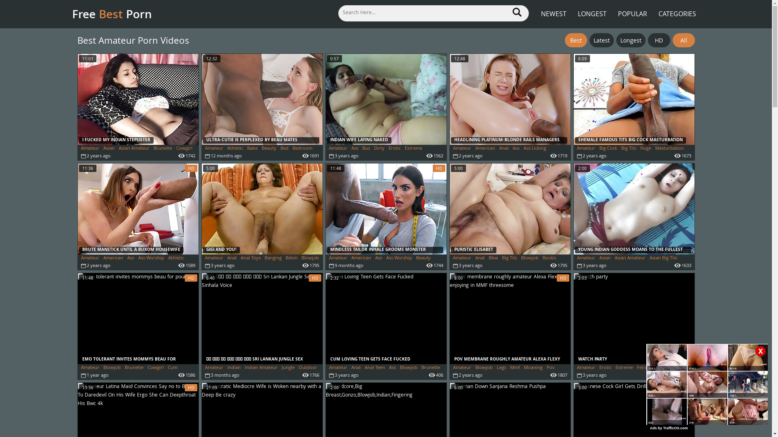 Image resolution: width=778 pixels, height=437 pixels. What do you see at coordinates (550, 368) in the screenshot?
I see `'Pov'` at bounding box center [550, 368].